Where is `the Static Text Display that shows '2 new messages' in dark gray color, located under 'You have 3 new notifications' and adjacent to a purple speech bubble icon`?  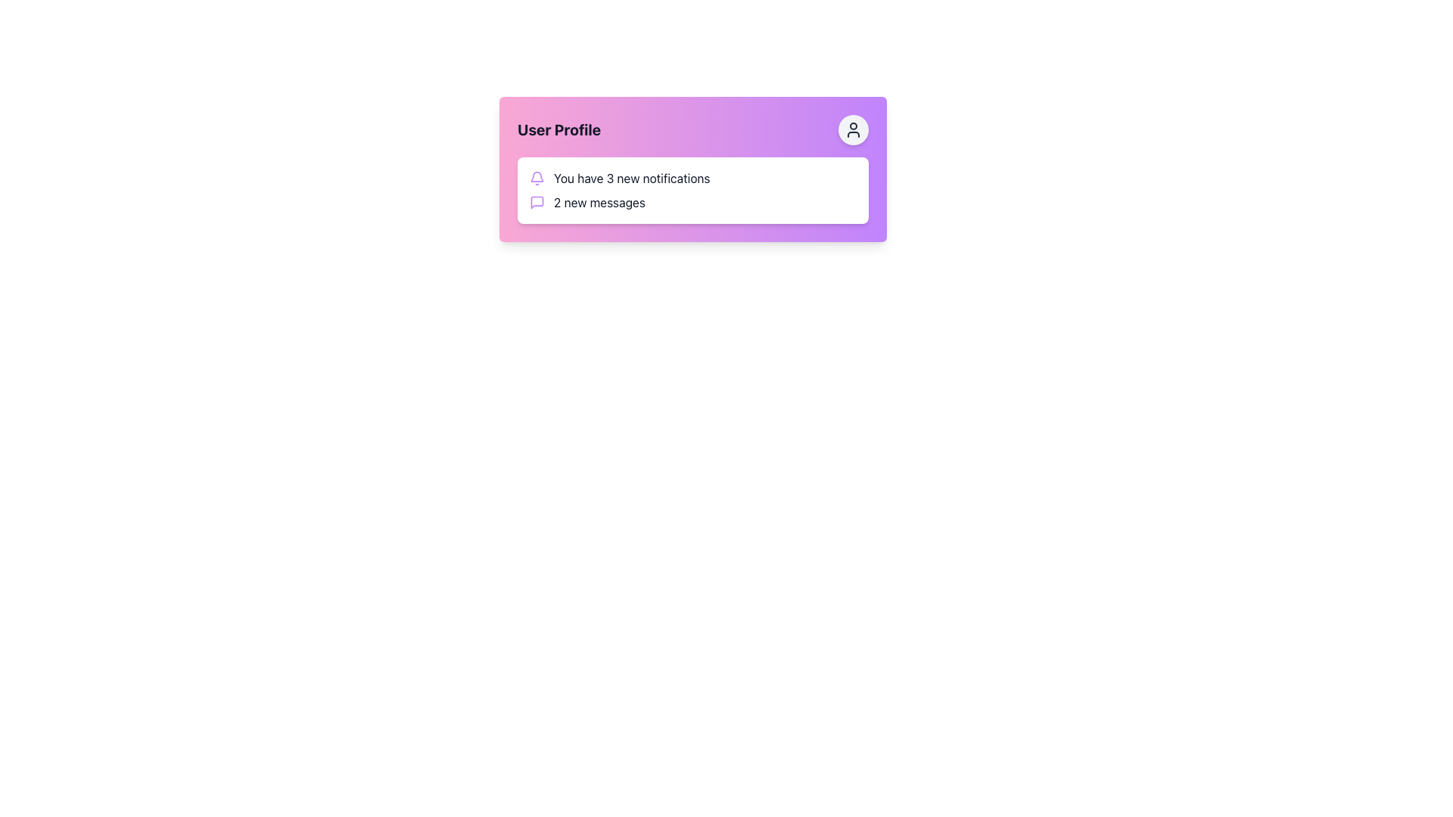 the Static Text Display that shows '2 new messages' in dark gray color, located under 'You have 3 new notifications' and adjacent to a purple speech bubble icon is located at coordinates (599, 201).